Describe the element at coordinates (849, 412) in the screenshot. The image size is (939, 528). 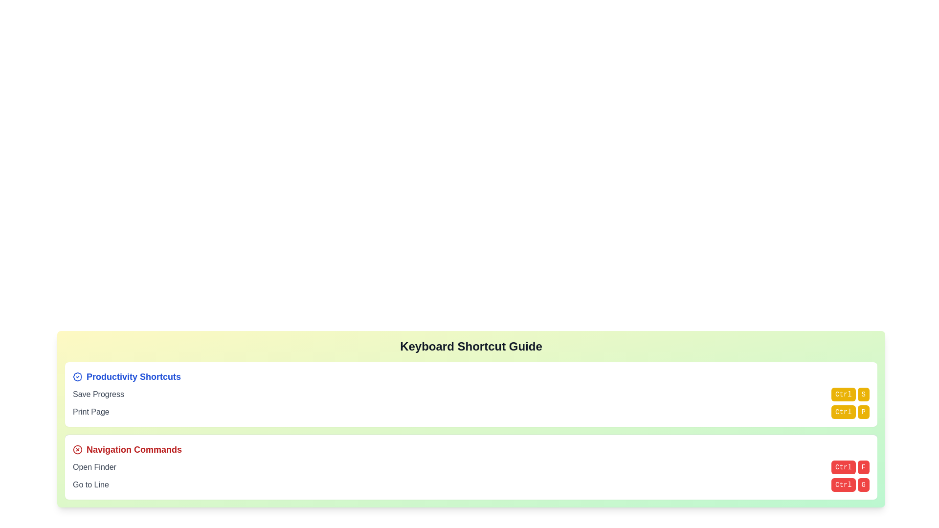
I see `the Keyboard Shortcut Indicator for 'Ctrl+P', located in the second row of the first group under 'Productivity Shortcuts', adjacent to the 'Print Page' label` at that location.